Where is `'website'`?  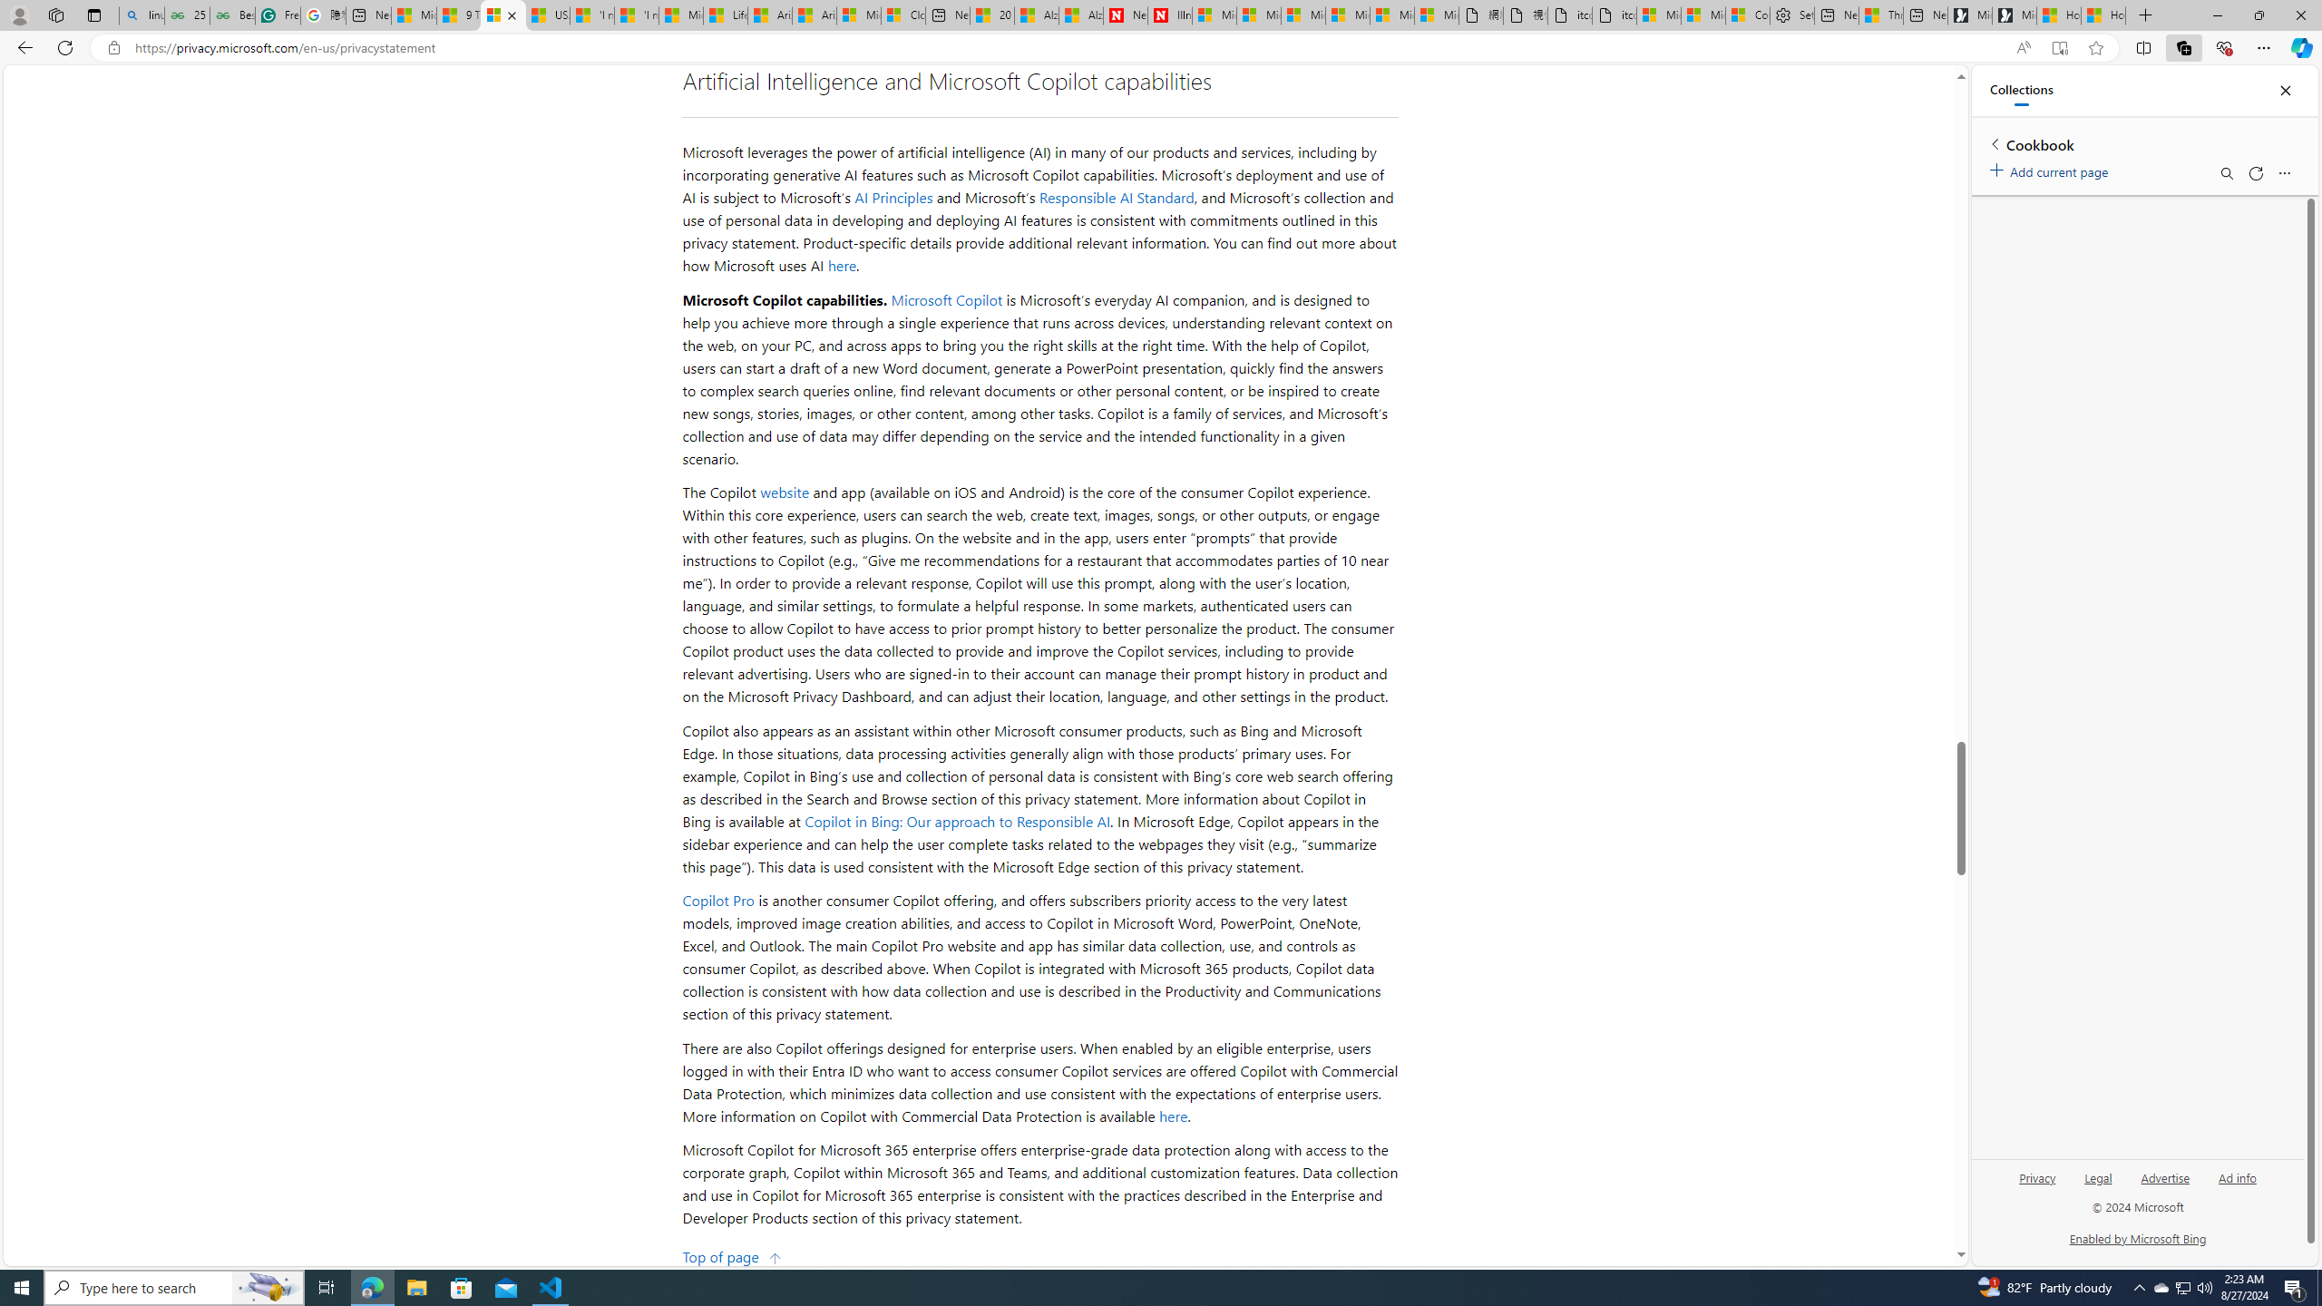
'website' is located at coordinates (784, 491).